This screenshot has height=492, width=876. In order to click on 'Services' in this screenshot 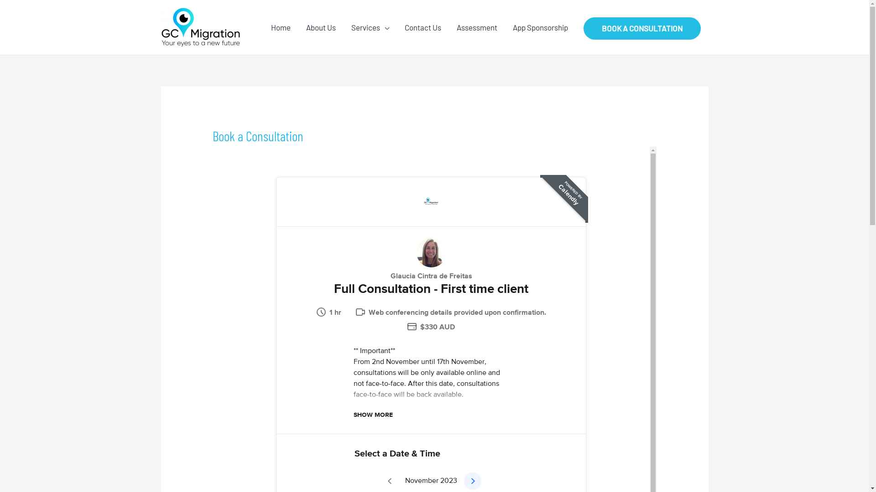, I will do `click(370, 27)`.